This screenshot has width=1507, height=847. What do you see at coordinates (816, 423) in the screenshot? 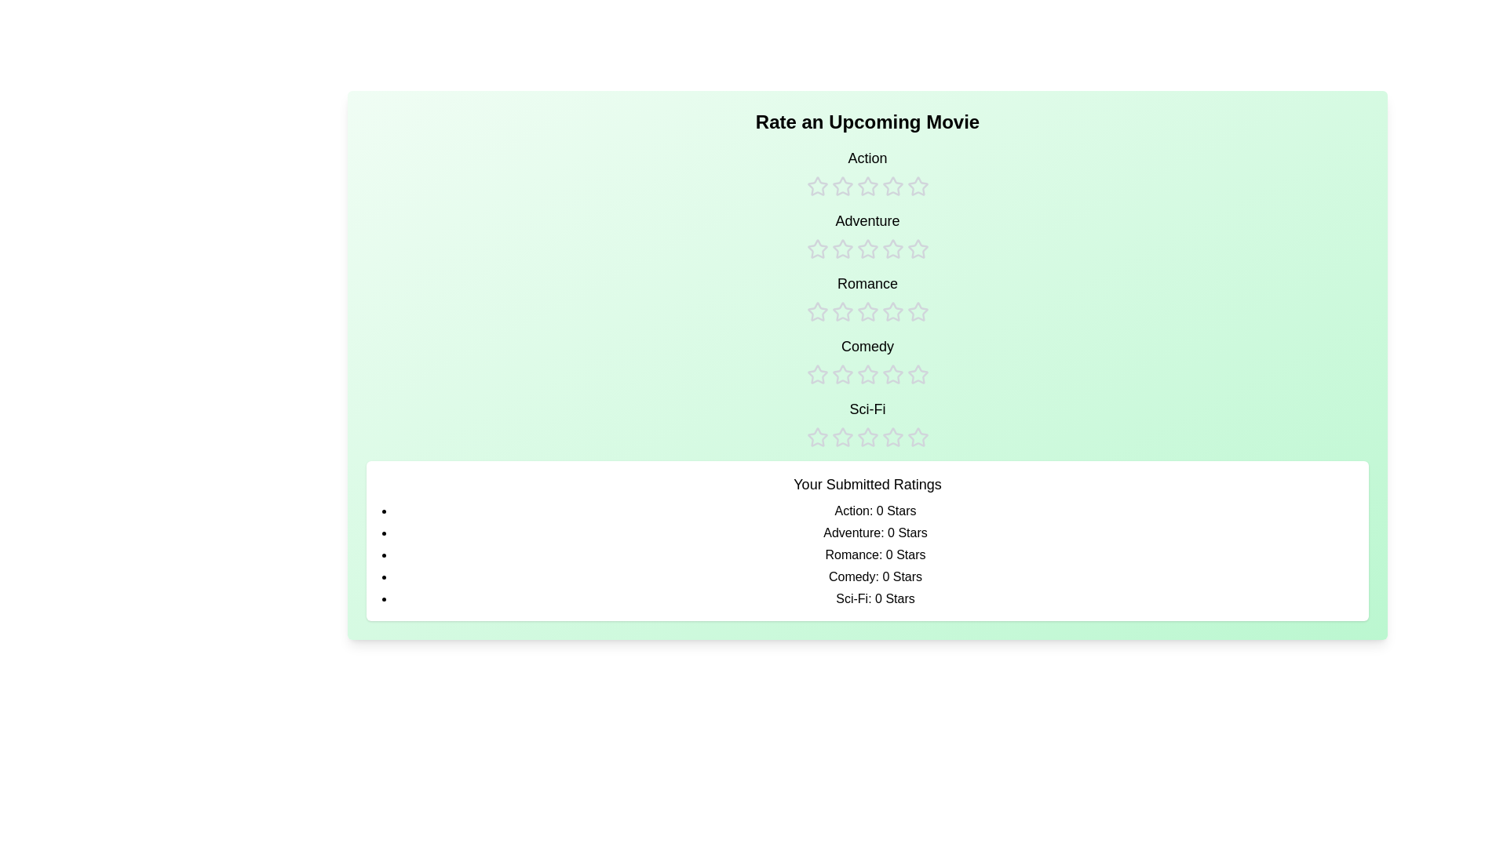
I see `the rating for the Sci-Fi category to 1 stars` at bounding box center [816, 423].